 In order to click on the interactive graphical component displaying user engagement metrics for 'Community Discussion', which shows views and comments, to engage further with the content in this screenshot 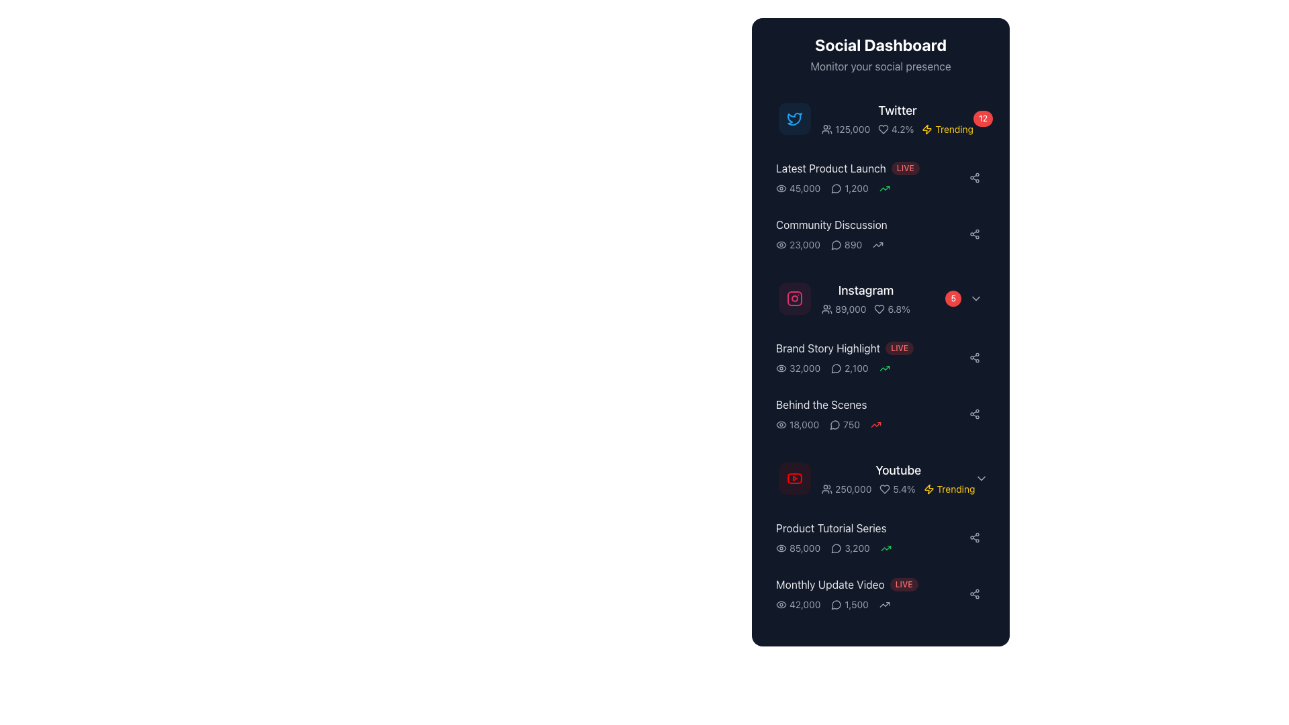, I will do `click(870, 245)`.